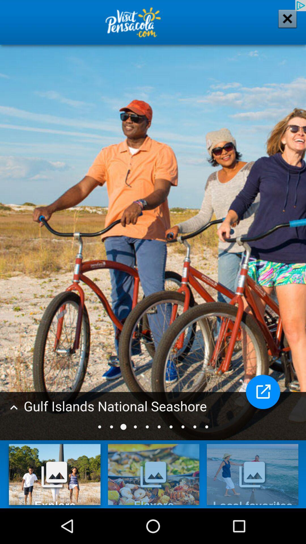 This screenshot has width=306, height=544. I want to click on the close icon, so click(284, 22).